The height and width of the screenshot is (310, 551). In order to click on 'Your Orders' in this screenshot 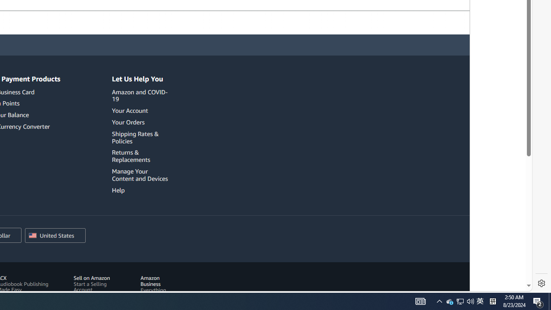, I will do `click(141, 122)`.